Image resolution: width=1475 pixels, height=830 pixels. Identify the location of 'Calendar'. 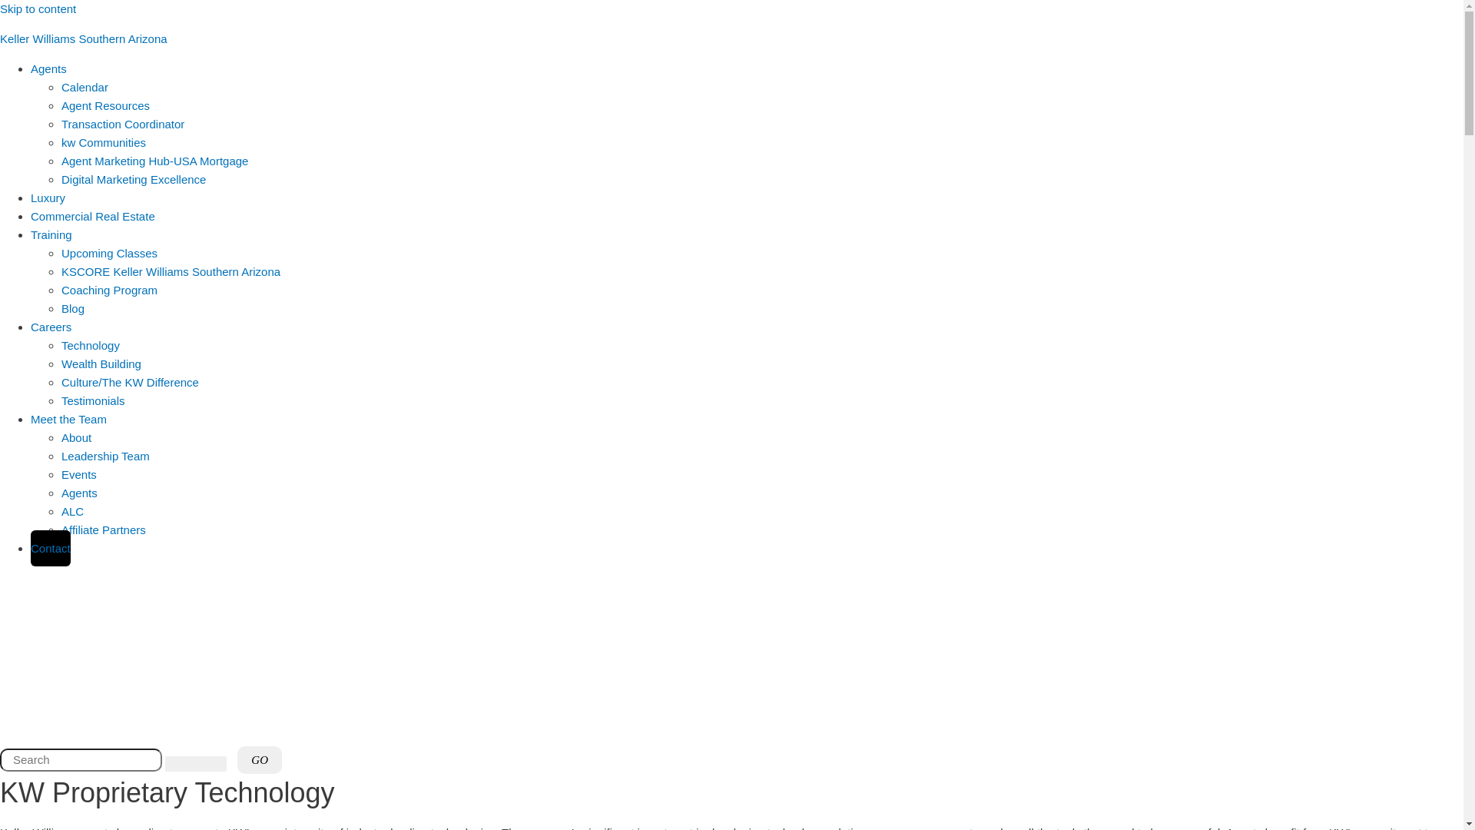
(84, 87).